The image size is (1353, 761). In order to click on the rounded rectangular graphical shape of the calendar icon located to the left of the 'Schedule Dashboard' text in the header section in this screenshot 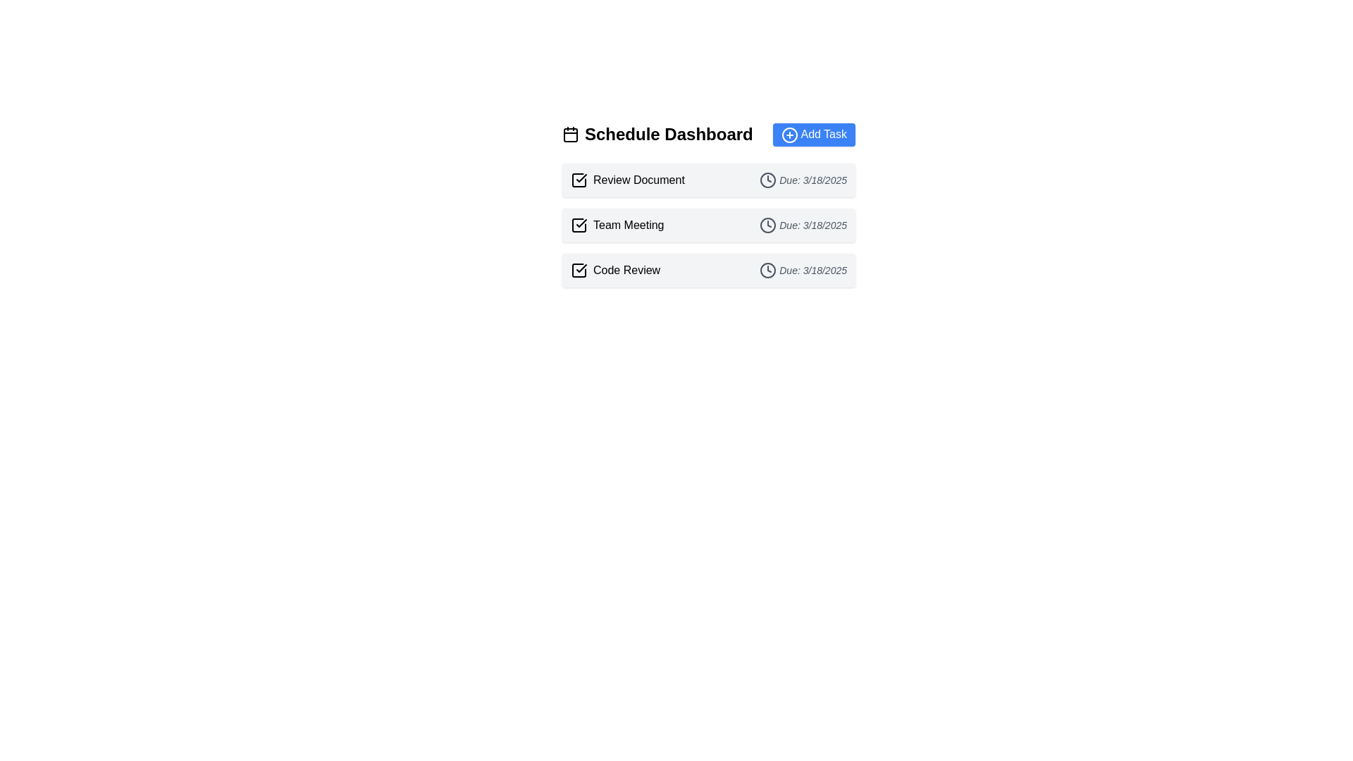, I will do `click(571, 135)`.